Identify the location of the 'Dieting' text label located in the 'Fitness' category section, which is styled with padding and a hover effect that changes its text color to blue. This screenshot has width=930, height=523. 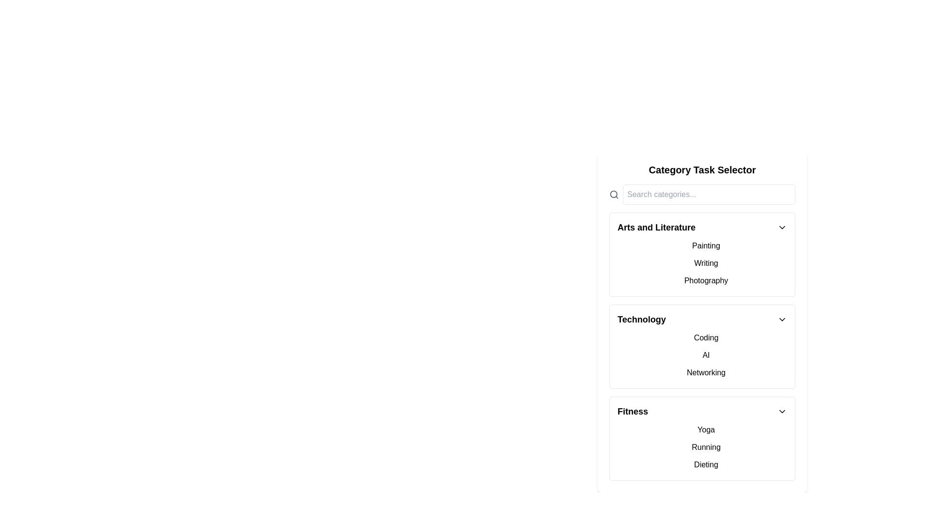
(706, 464).